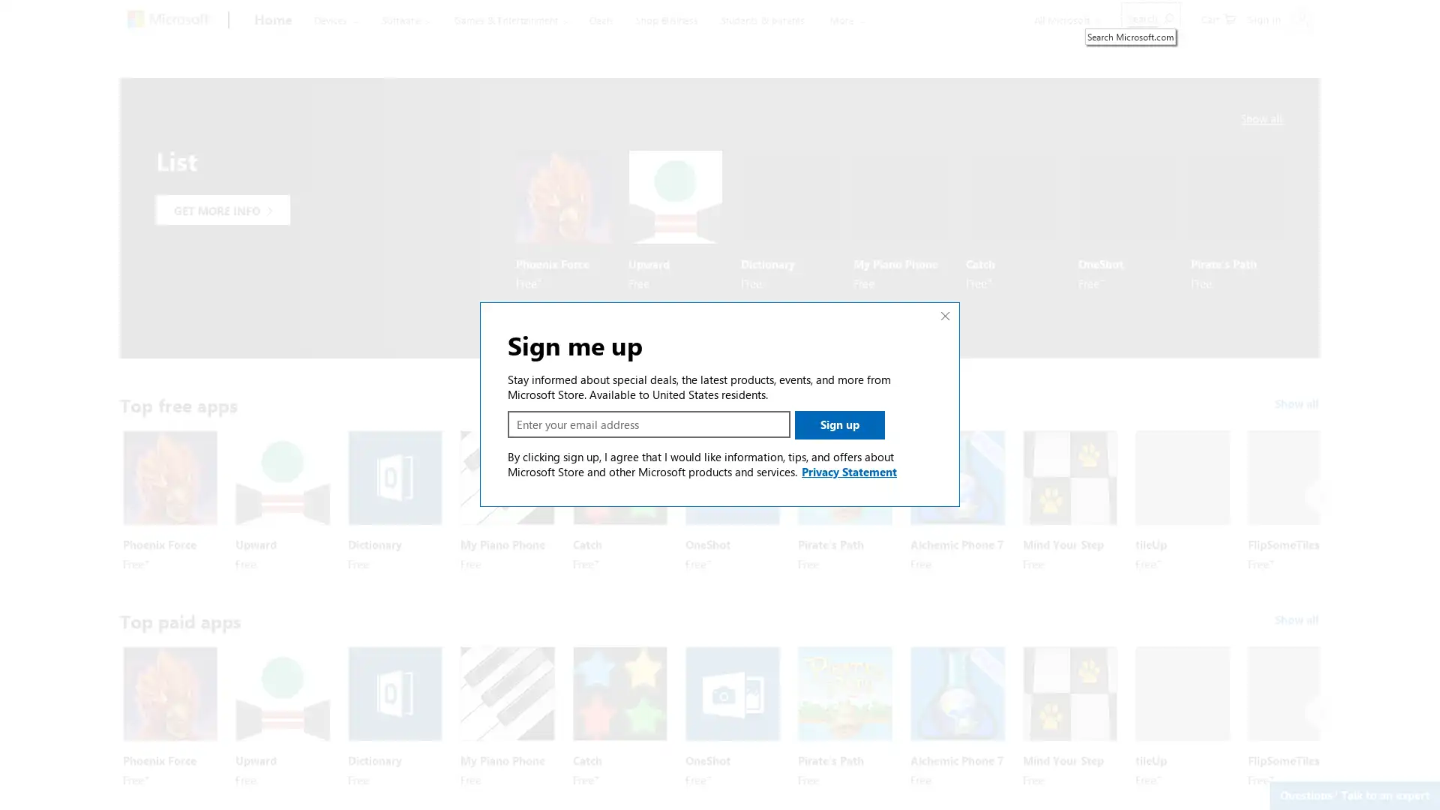  Describe the element at coordinates (838, 425) in the screenshot. I see `Sign up` at that location.